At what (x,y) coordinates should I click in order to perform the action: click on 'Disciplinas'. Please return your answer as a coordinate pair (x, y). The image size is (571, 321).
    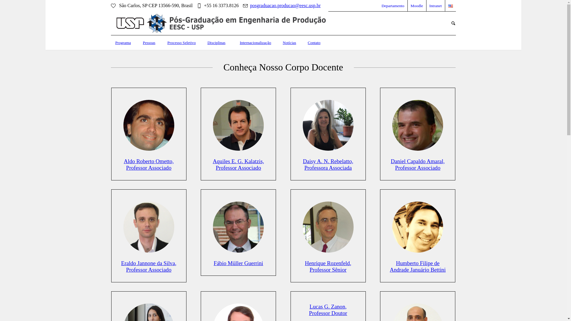
    Looking at the image, I should click on (203, 42).